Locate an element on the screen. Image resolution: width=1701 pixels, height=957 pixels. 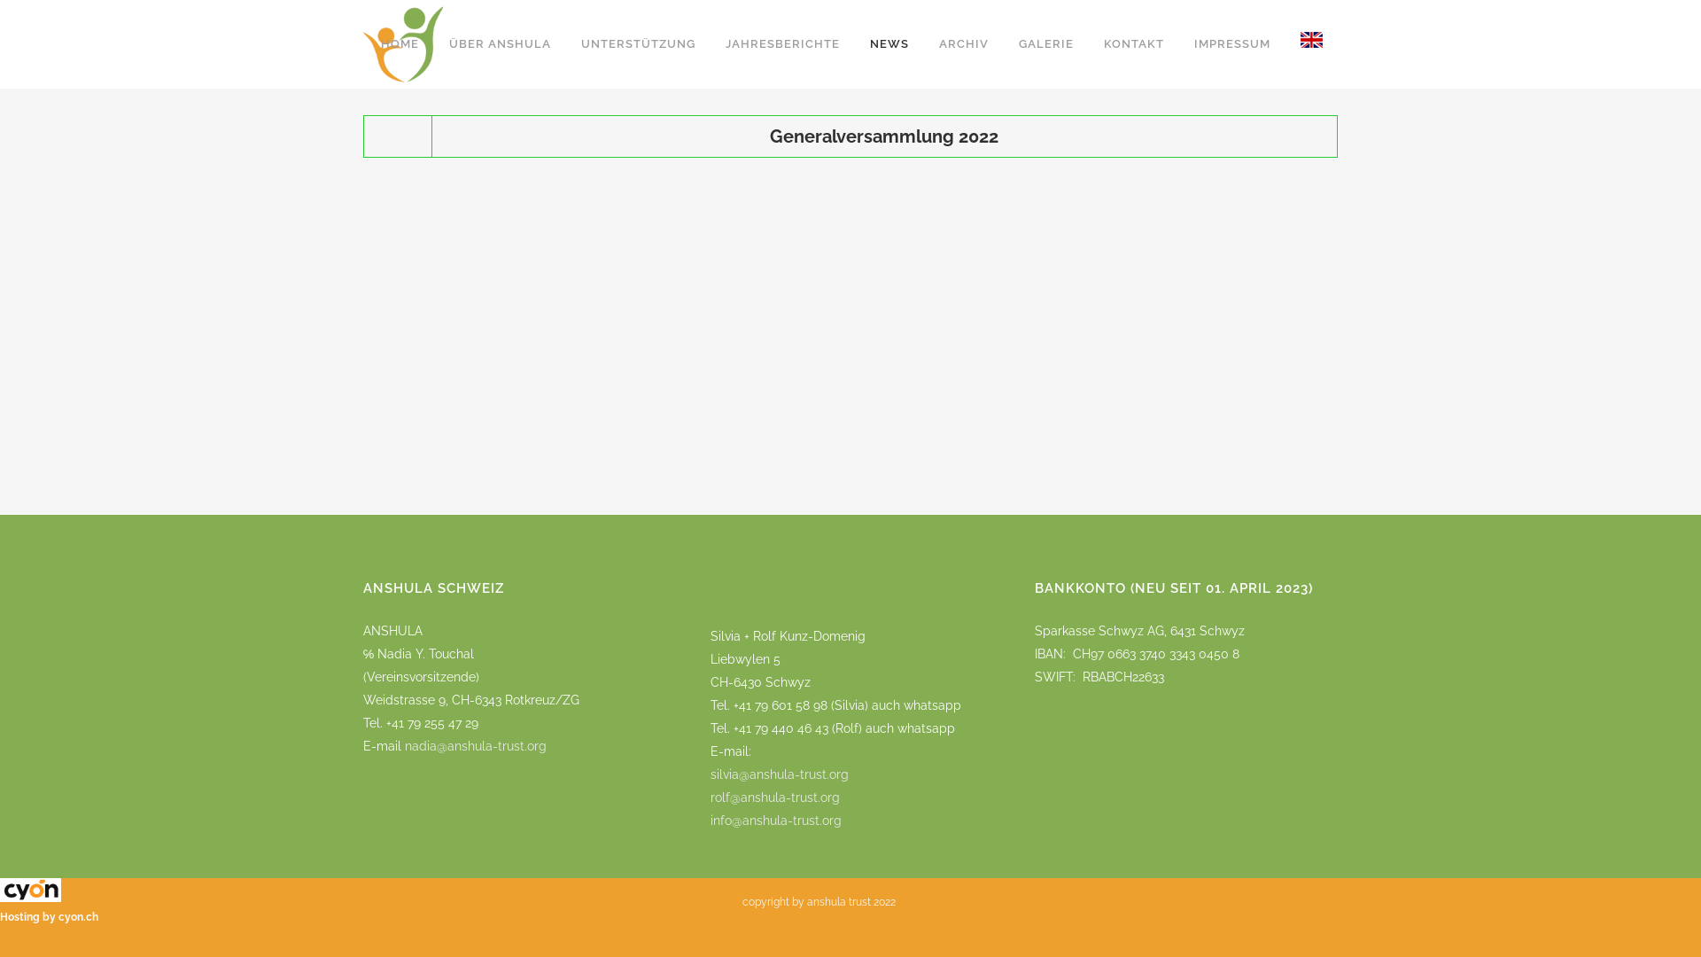
'JAHRESBERICHTE' is located at coordinates (781, 43).